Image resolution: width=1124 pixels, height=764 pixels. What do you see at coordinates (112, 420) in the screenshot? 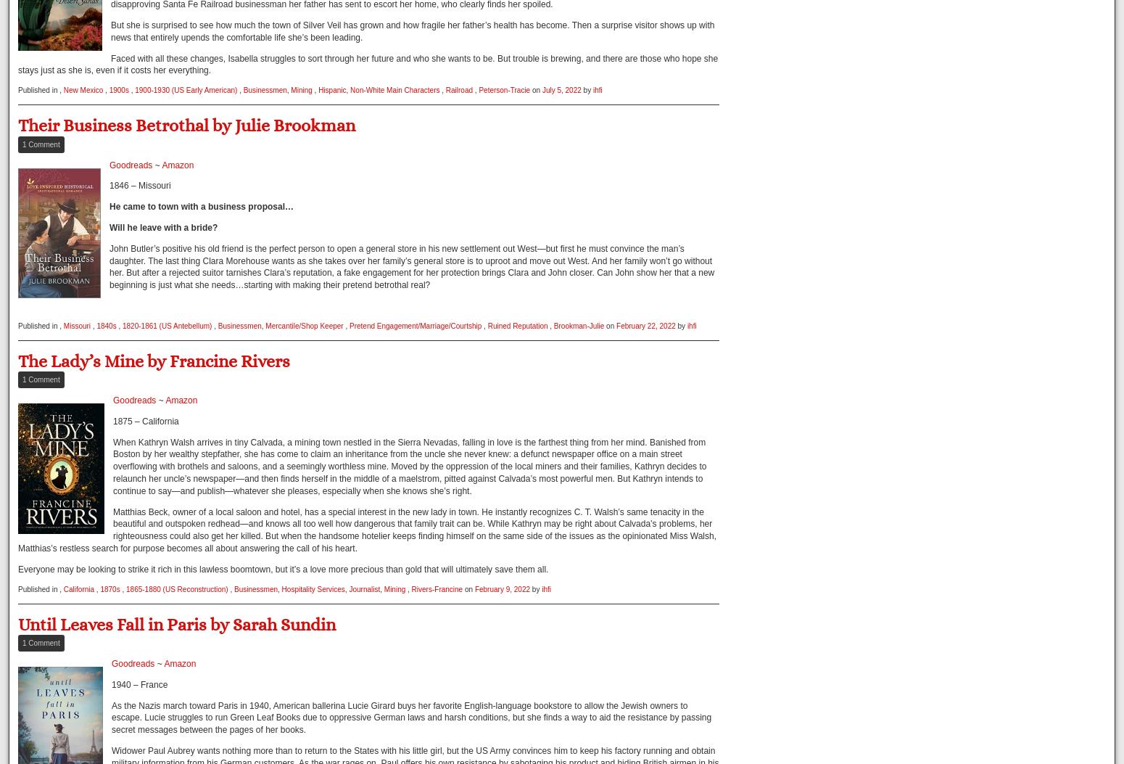
I see `'1875 – California'` at bounding box center [112, 420].